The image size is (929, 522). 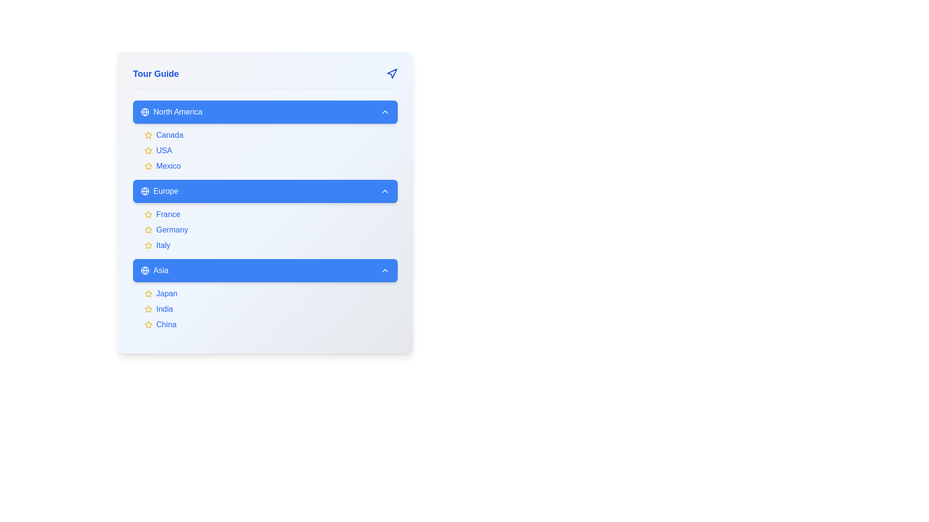 I want to click on the yellow star icon corresponding to 'China' to mark it as favorite, so click(x=148, y=324).